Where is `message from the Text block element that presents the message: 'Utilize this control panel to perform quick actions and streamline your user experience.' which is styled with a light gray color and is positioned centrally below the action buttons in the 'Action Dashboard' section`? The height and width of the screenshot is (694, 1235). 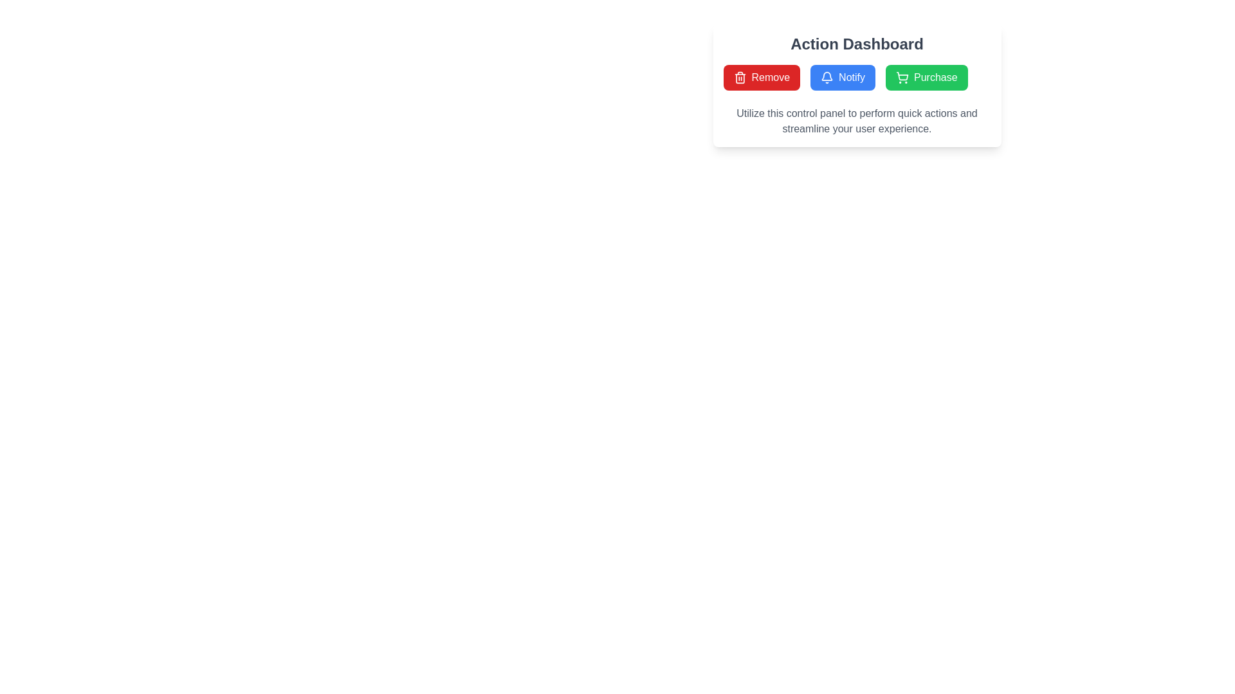 message from the Text block element that presents the message: 'Utilize this control panel to perform quick actions and streamline your user experience.' which is styled with a light gray color and is positioned centrally below the action buttons in the 'Action Dashboard' section is located at coordinates (857, 121).